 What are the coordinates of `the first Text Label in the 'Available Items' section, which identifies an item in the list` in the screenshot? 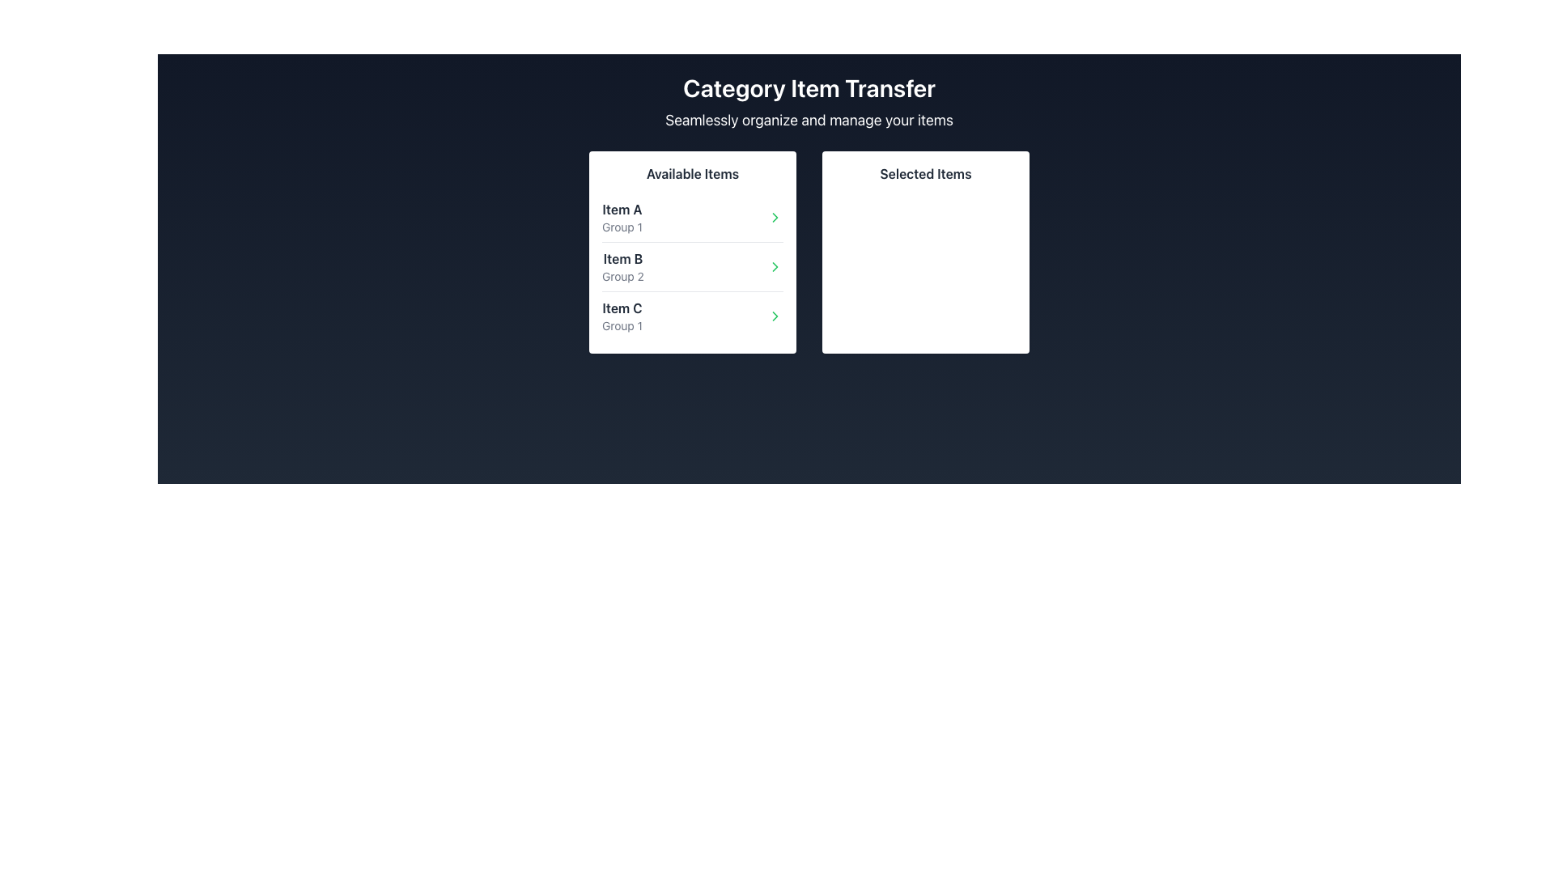 It's located at (621, 208).